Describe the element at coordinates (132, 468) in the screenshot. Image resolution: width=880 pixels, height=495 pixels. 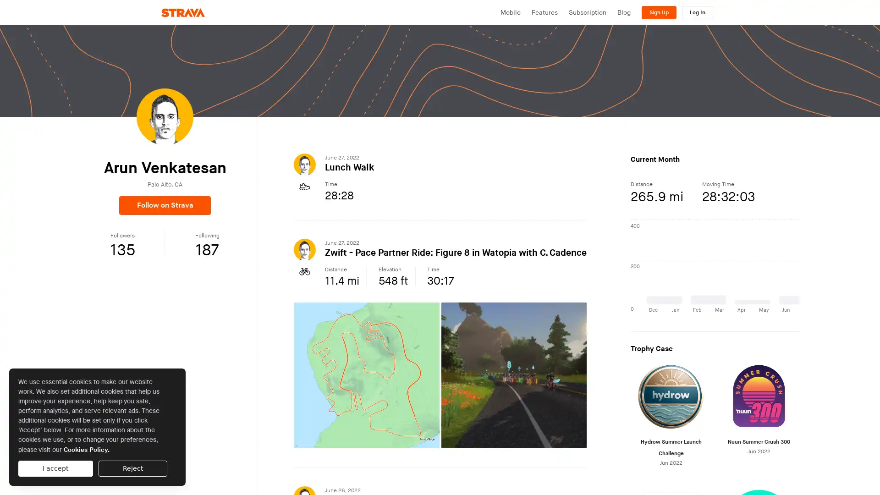
I see `Reject` at that location.